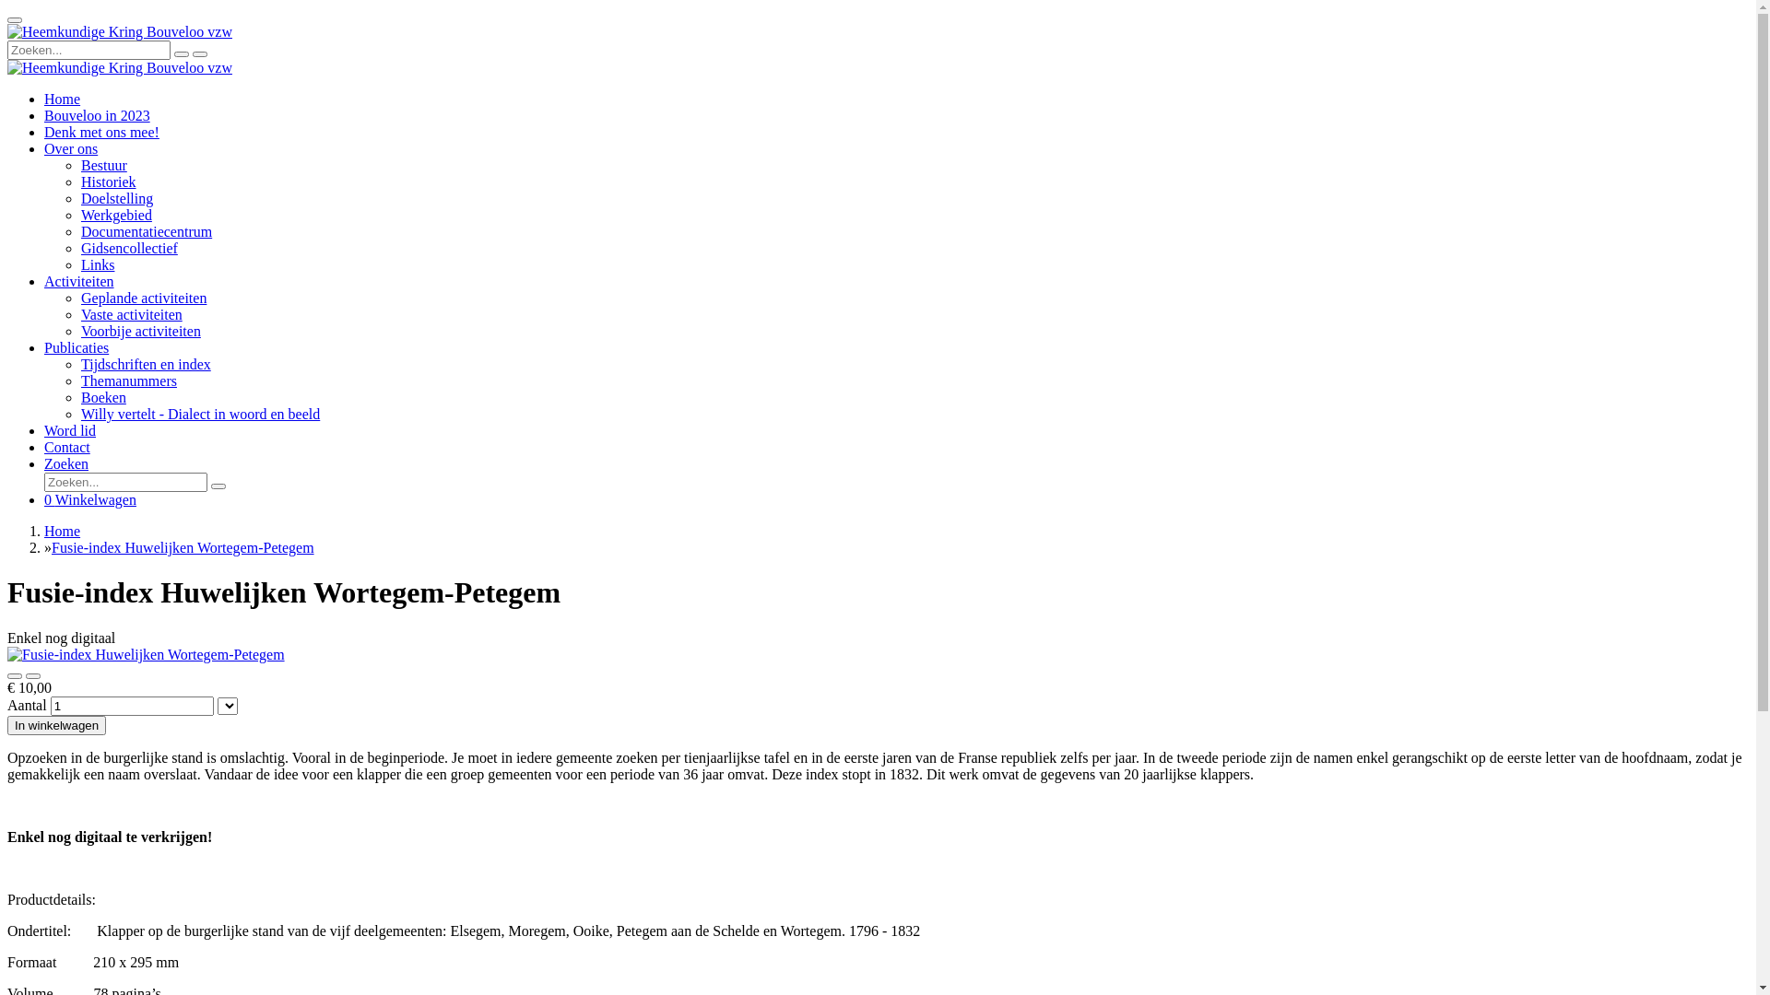  I want to click on 'Bouveloo in 2023', so click(96, 115).